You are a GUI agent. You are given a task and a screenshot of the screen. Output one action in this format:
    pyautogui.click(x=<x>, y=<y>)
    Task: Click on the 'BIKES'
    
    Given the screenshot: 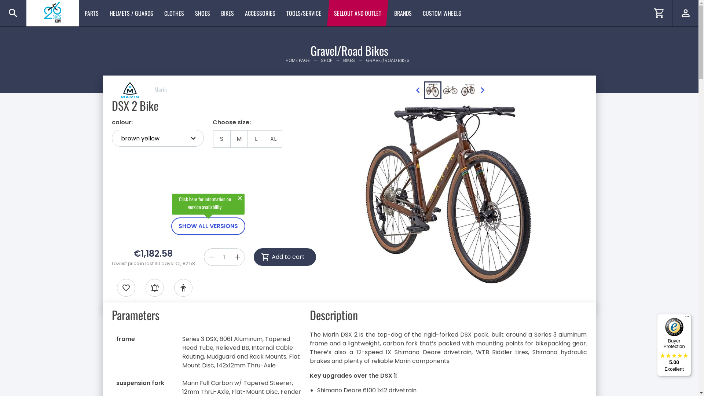 What is the action you would take?
    pyautogui.click(x=227, y=13)
    